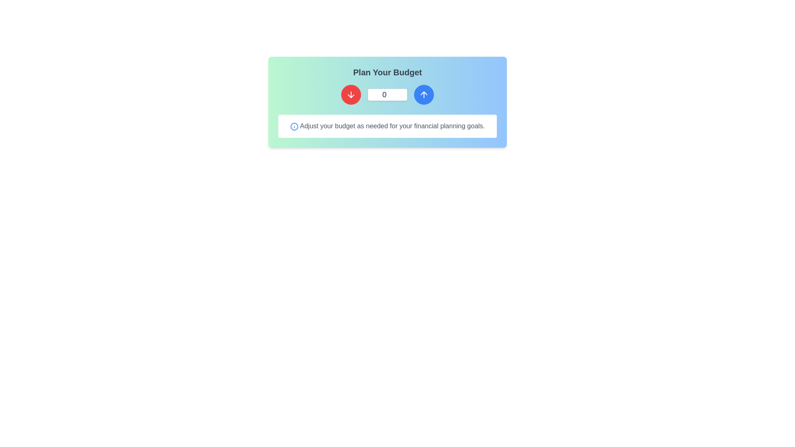 The width and height of the screenshot is (795, 447). I want to click on the Number input field, so click(387, 94).